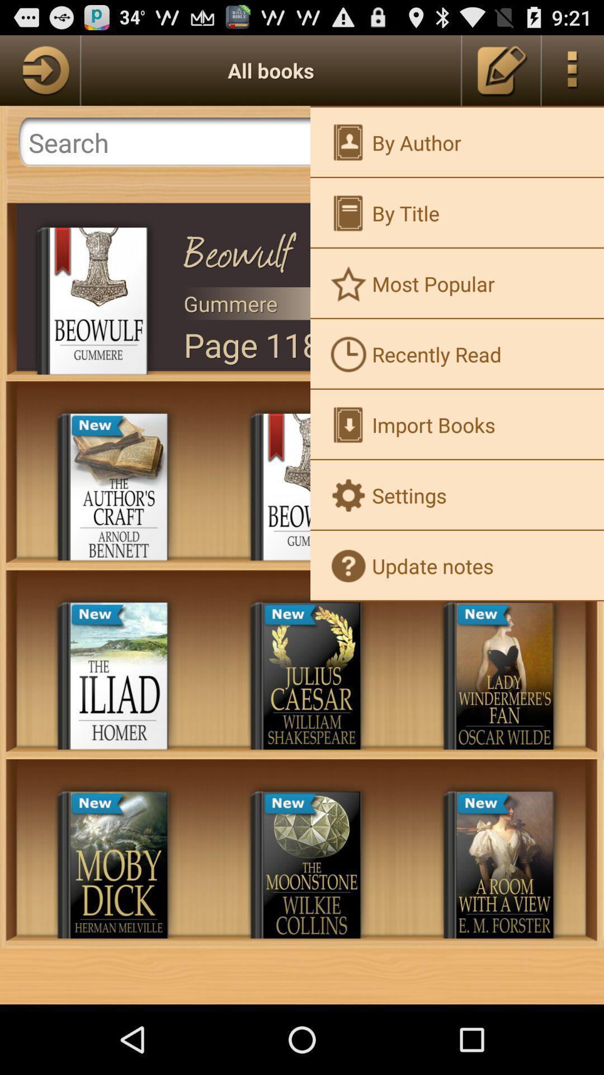 Image resolution: width=604 pixels, height=1075 pixels. I want to click on the more icon, so click(573, 74).